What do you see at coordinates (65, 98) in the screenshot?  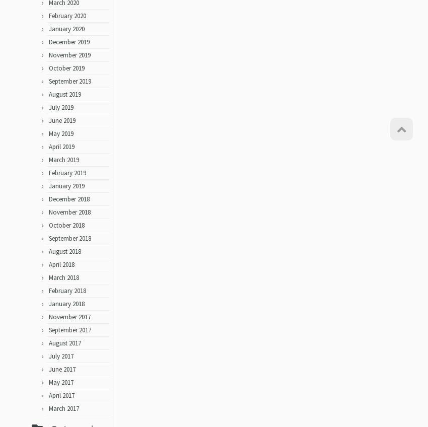 I see `'August 2019'` at bounding box center [65, 98].